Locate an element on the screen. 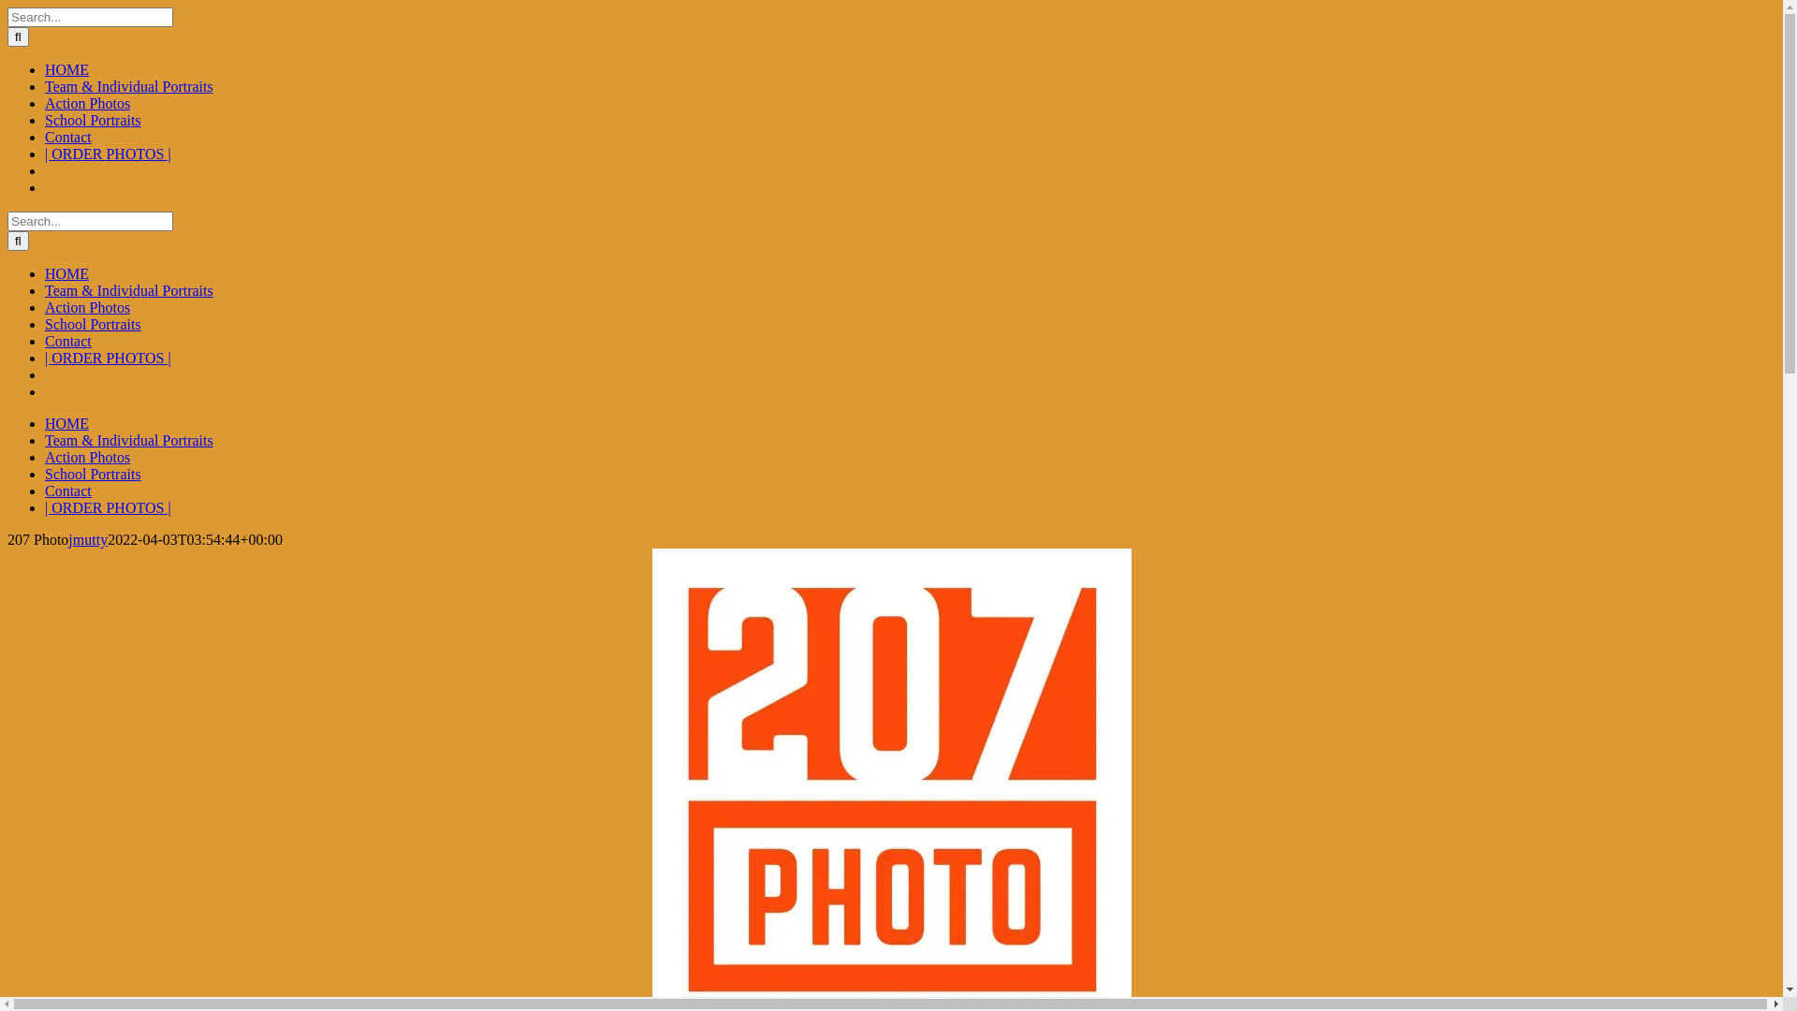 This screenshot has height=1011, width=1797. 'Action Photos' is located at coordinates (45, 457).